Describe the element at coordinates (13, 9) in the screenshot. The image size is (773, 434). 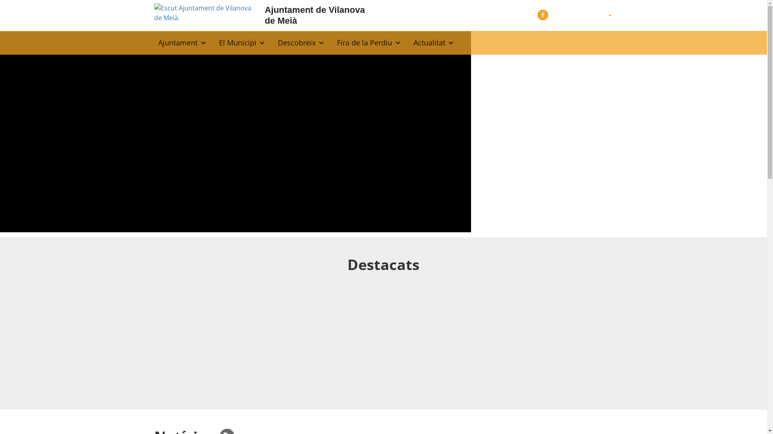
I see `'AL CONTINGUT'` at that location.